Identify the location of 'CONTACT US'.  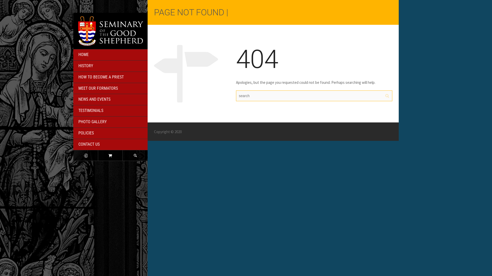
(110, 145).